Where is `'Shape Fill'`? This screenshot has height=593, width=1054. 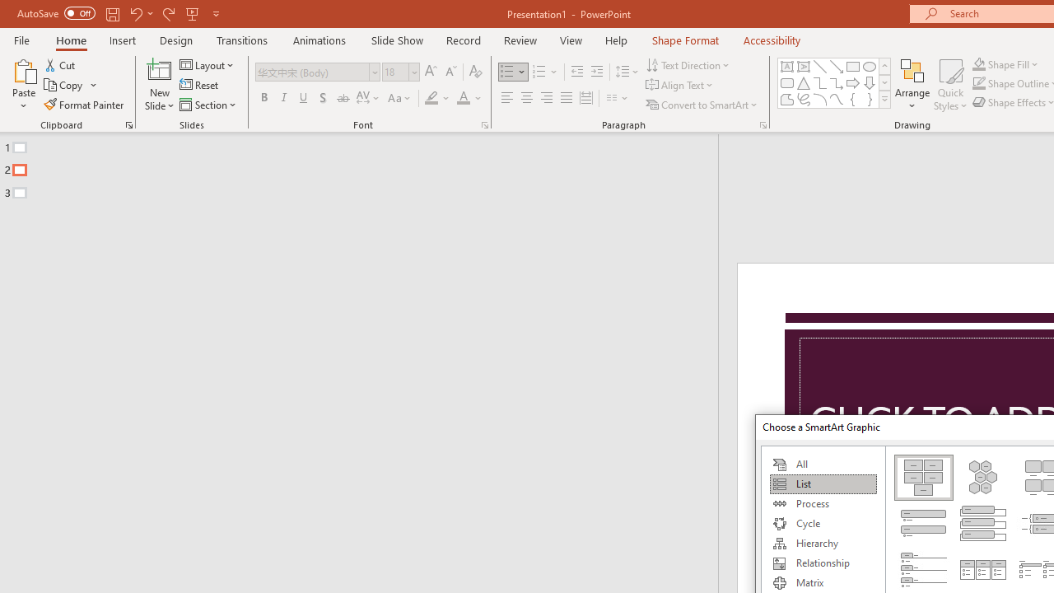
'Shape Fill' is located at coordinates (1005, 63).